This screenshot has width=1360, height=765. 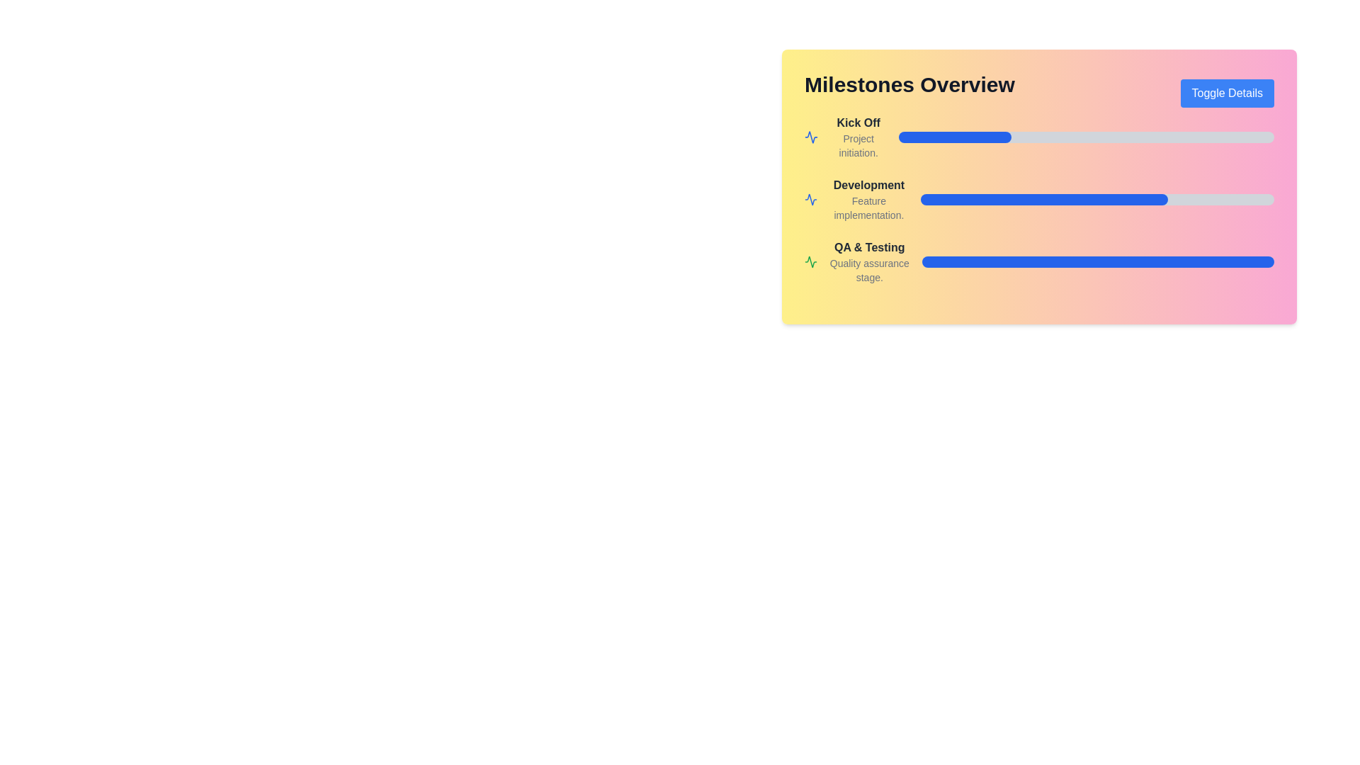 I want to click on text label 'QA & Testing' which is a bold text element styled with medium-sized typography, positioned prominently in the Milestones Overview section, so click(x=868, y=247).